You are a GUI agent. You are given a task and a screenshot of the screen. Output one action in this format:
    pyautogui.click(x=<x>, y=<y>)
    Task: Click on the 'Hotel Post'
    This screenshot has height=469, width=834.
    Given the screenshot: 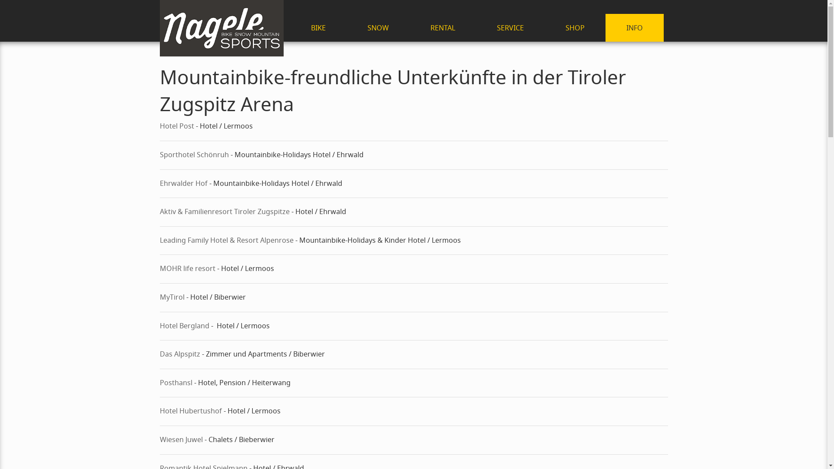 What is the action you would take?
    pyautogui.click(x=176, y=126)
    